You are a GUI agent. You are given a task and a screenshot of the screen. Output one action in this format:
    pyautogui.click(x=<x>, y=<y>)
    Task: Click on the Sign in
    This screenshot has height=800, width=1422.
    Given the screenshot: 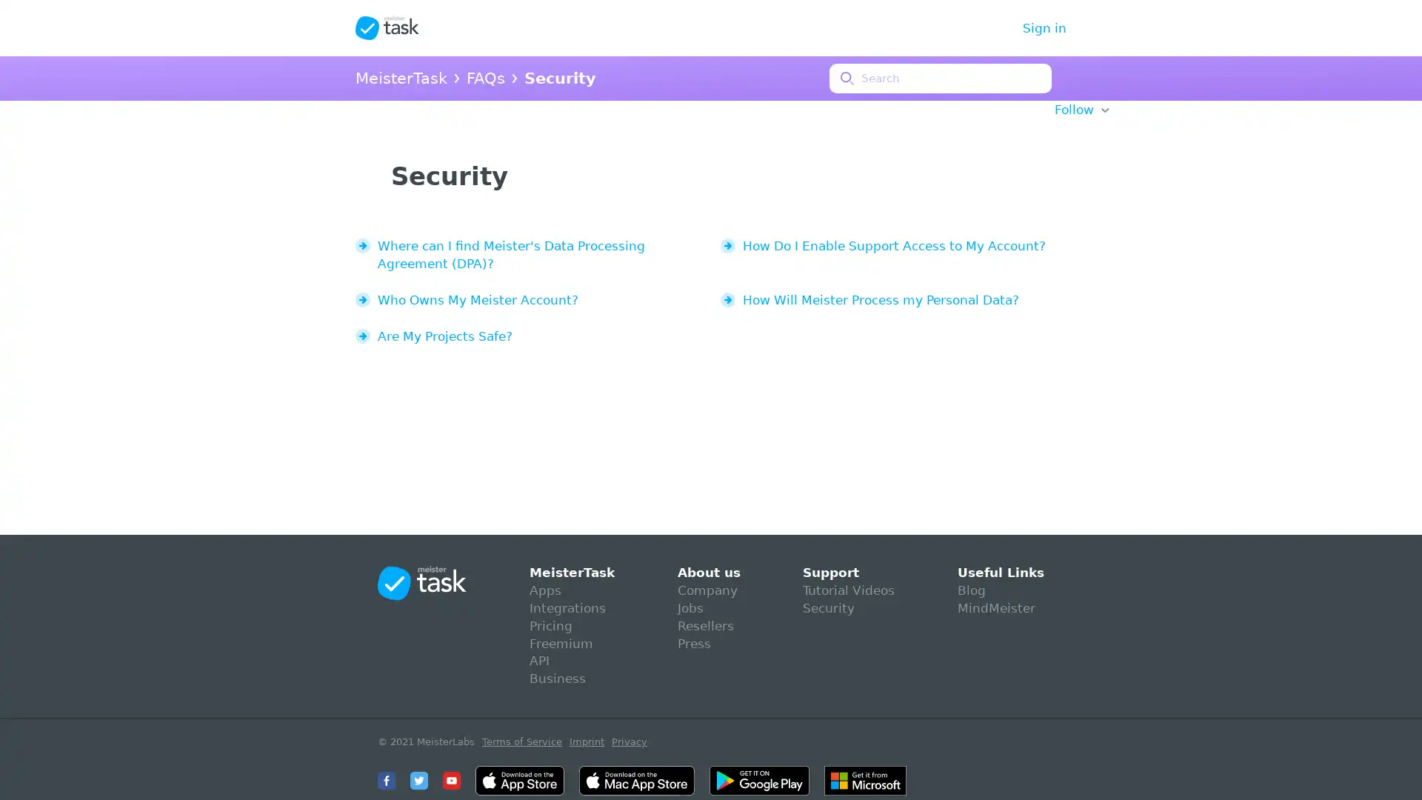 What is the action you would take?
    pyautogui.click(x=1044, y=28)
    